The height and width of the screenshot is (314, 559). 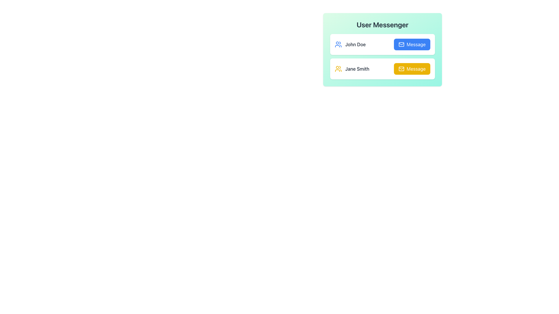 What do you see at coordinates (350, 44) in the screenshot?
I see `displayed text from the Text display label that shows the user's name, 'John Doe', located on the left side of the layout before the blue 'Message' button` at bounding box center [350, 44].